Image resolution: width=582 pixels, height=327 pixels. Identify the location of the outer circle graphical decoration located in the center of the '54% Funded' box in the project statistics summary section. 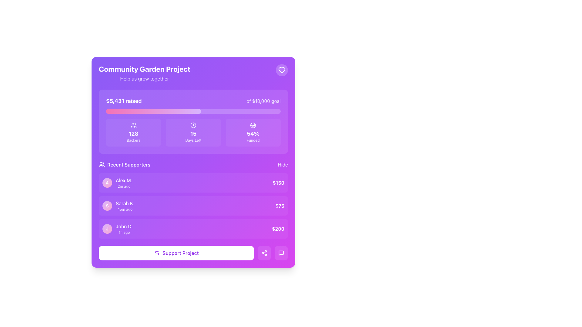
(253, 125).